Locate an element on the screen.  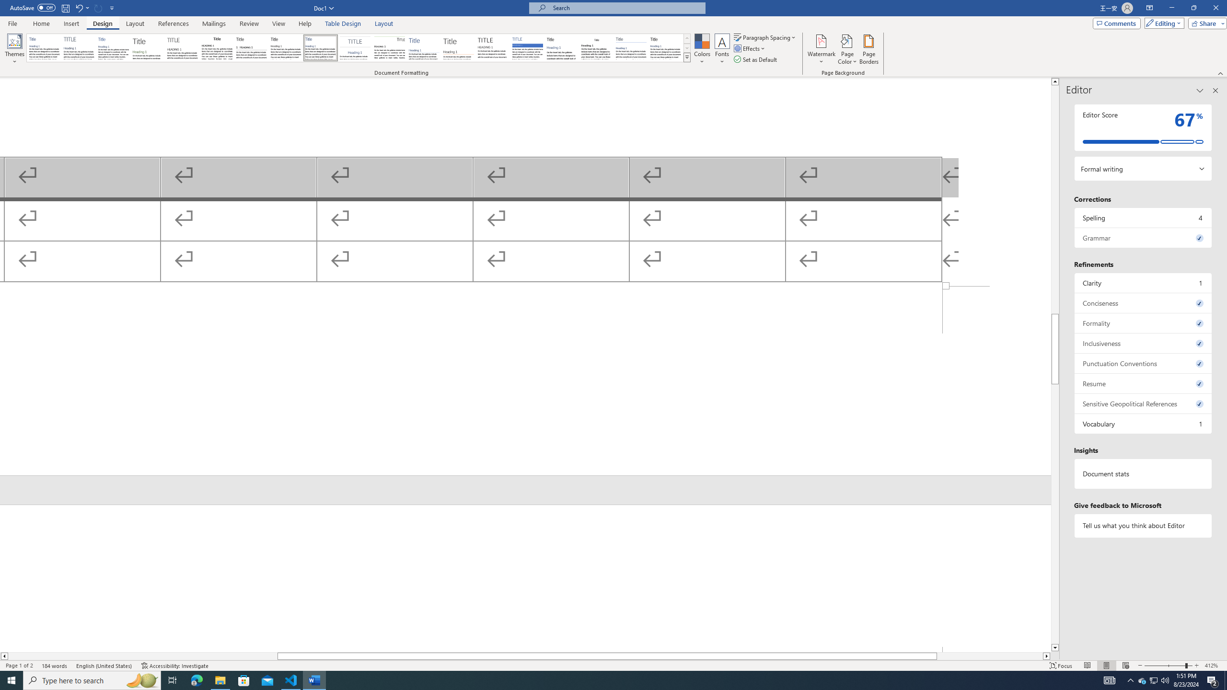
'Page Number Page 1 of 2' is located at coordinates (19, 666).